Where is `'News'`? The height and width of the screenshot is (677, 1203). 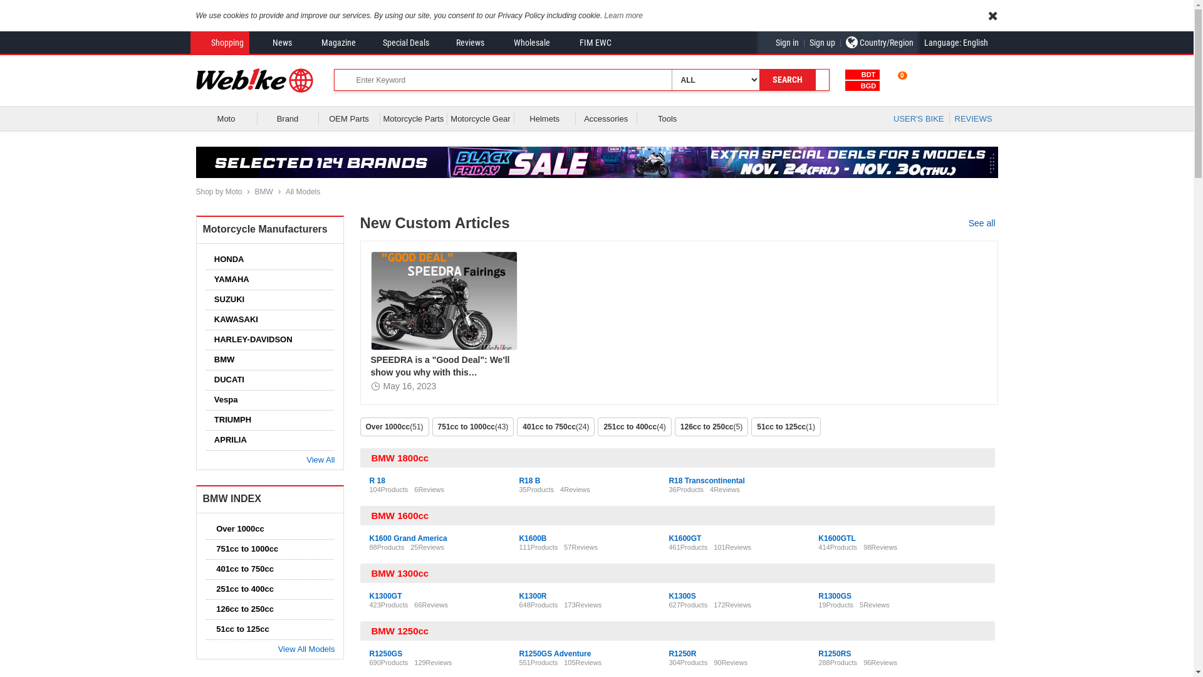
'News' is located at coordinates (273, 42).